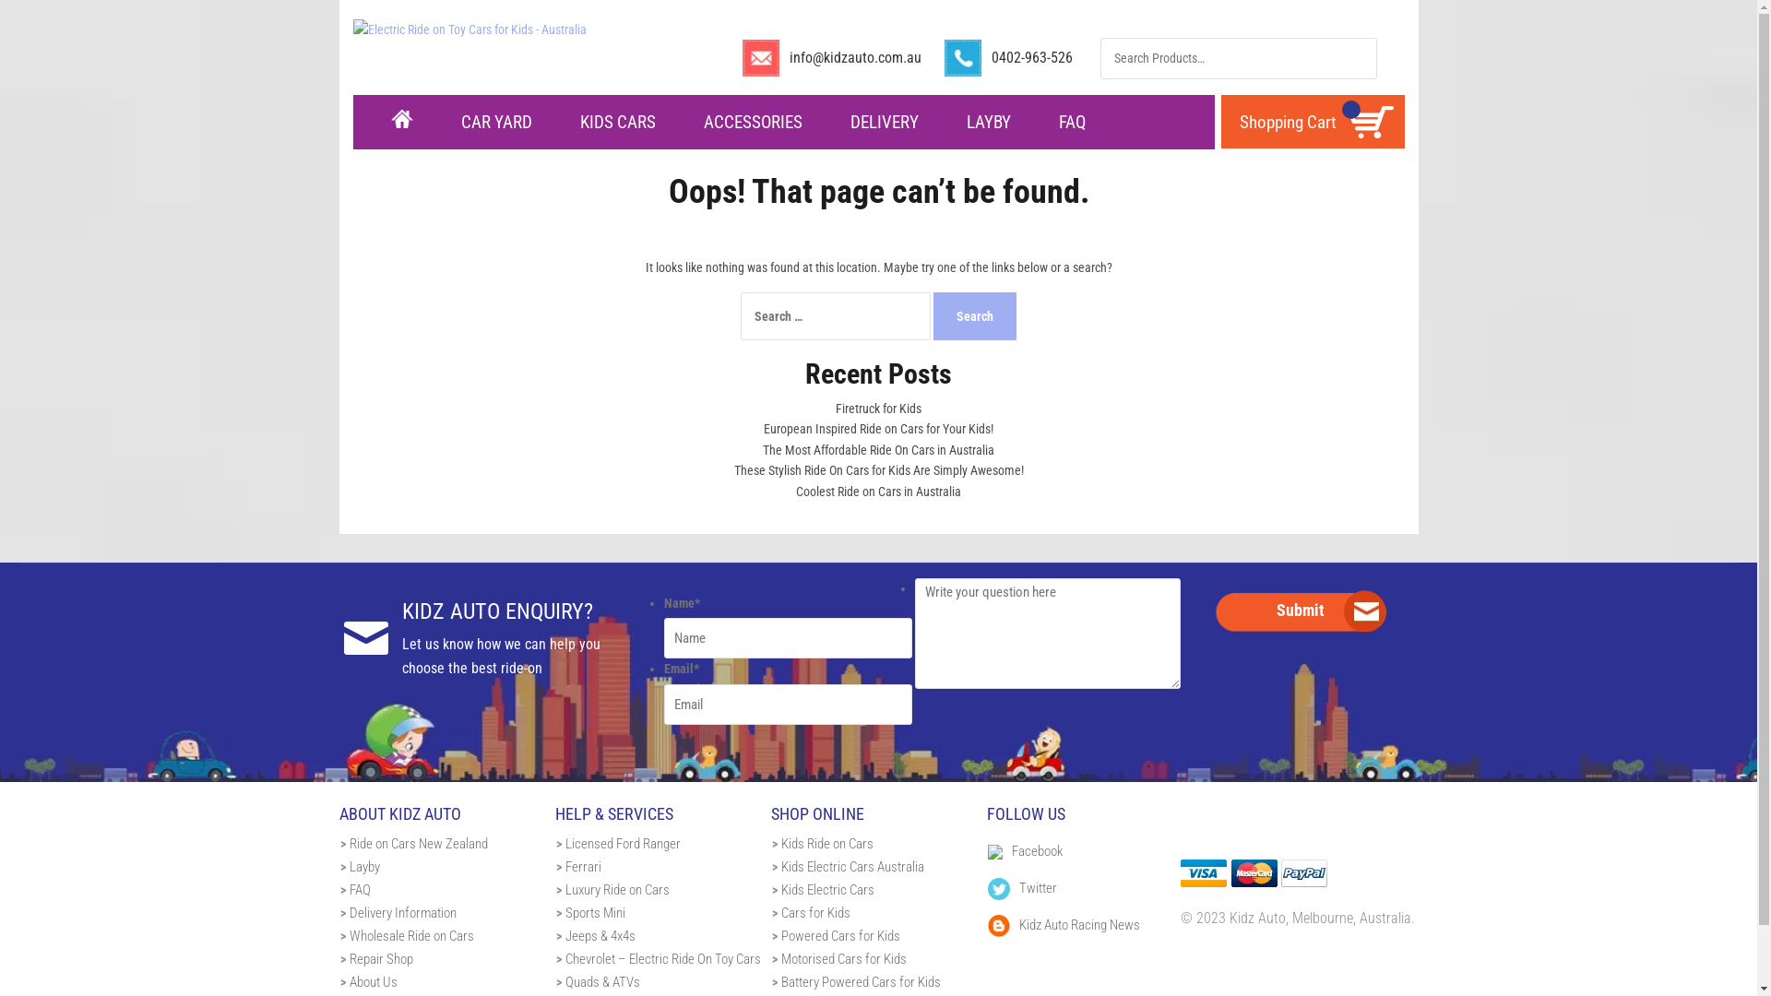 The image size is (1771, 996). Describe the element at coordinates (1023, 850) in the screenshot. I see `'Facebook'` at that location.